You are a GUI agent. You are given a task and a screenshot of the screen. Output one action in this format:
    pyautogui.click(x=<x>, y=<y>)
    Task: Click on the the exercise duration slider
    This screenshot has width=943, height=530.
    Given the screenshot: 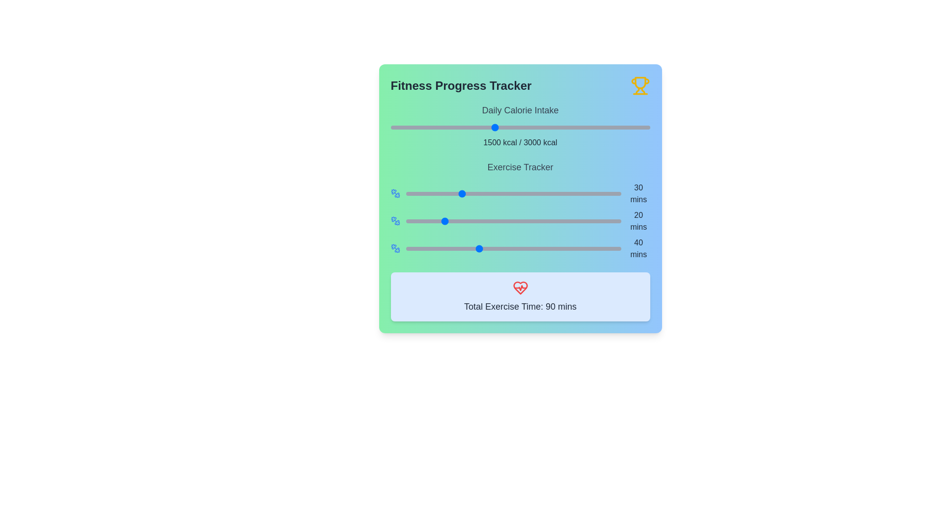 What is the action you would take?
    pyautogui.click(x=445, y=221)
    